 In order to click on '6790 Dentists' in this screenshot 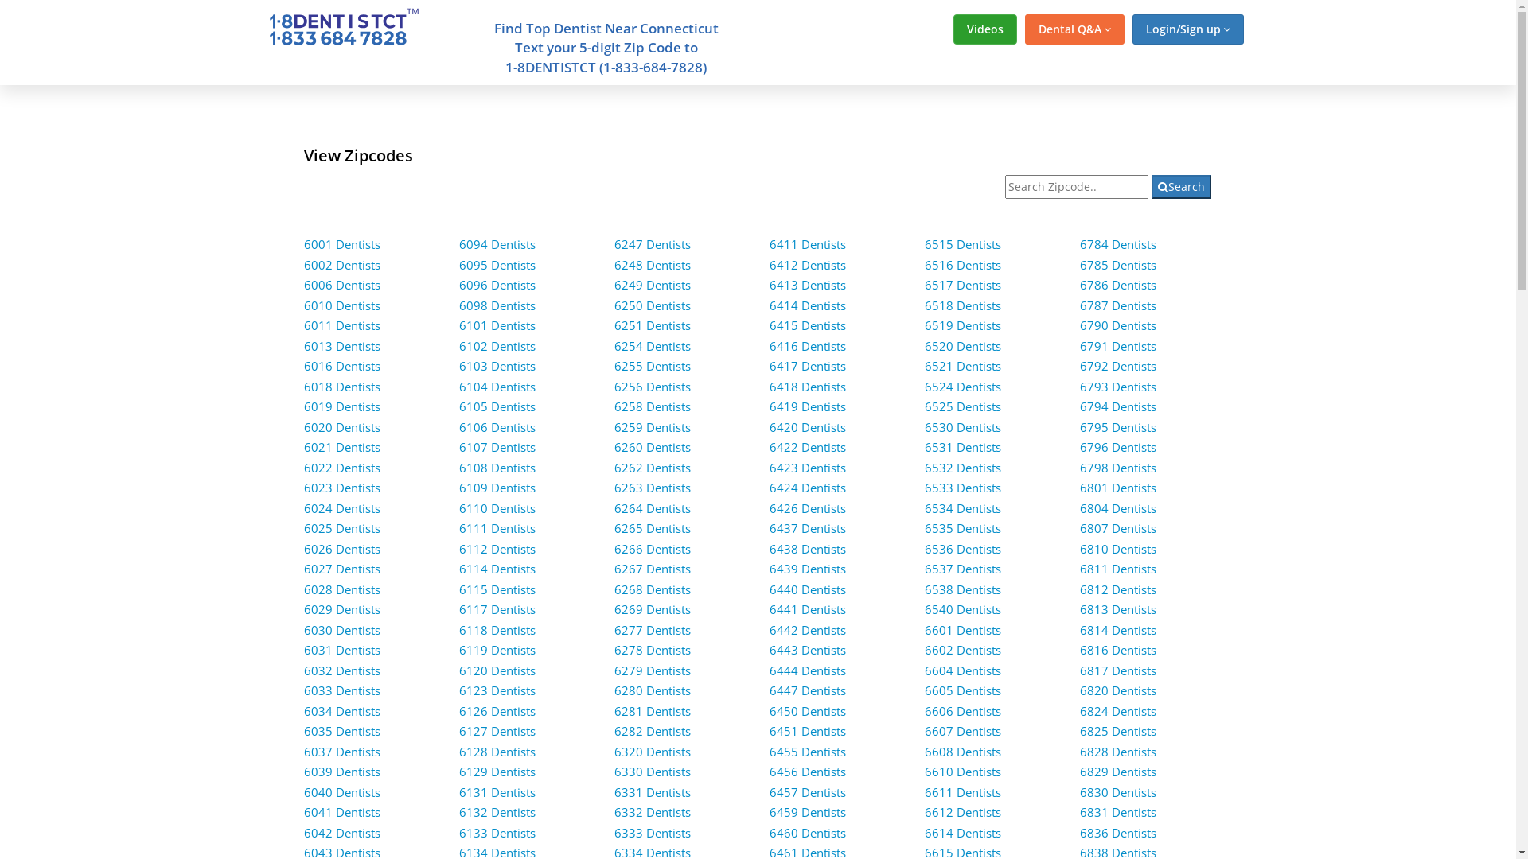, I will do `click(1117, 324)`.